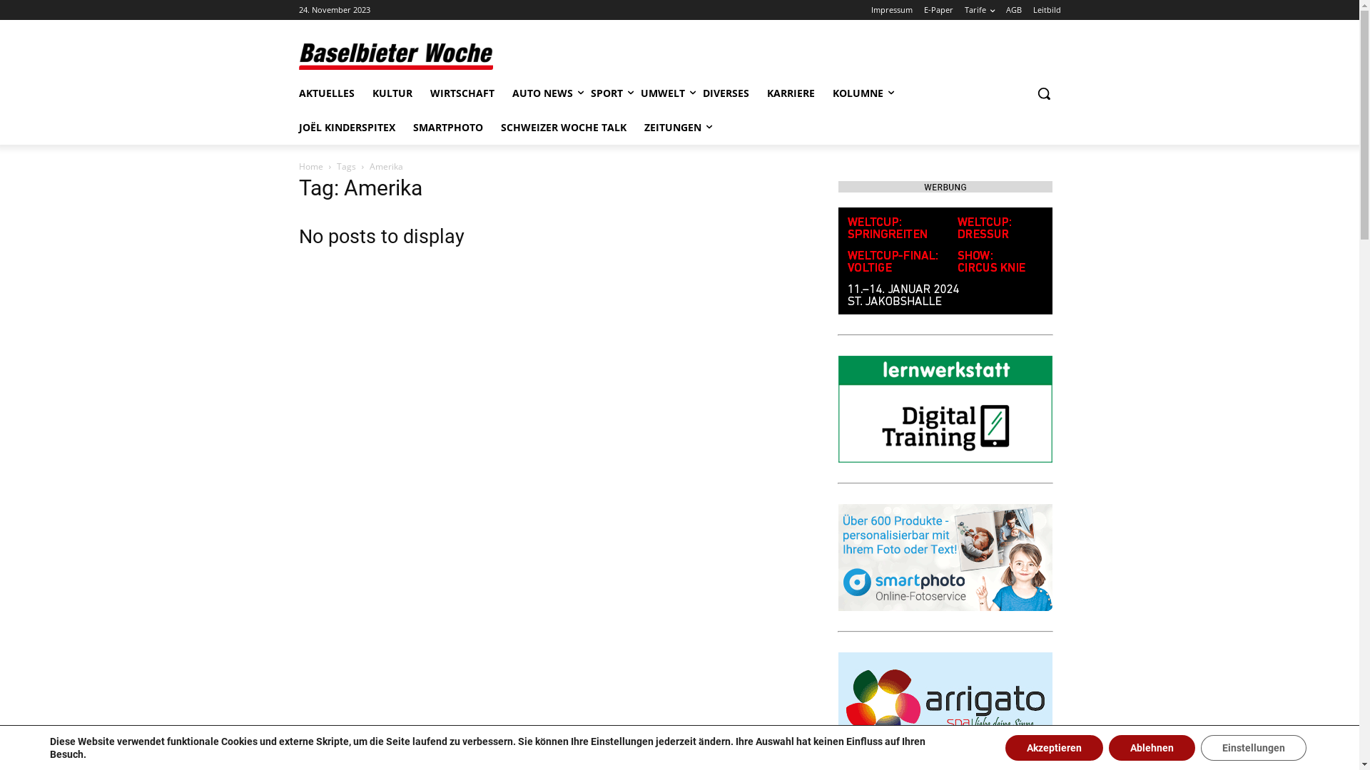 This screenshot has height=770, width=1370. Describe the element at coordinates (462, 93) in the screenshot. I see `'WIRTSCHAFT'` at that location.